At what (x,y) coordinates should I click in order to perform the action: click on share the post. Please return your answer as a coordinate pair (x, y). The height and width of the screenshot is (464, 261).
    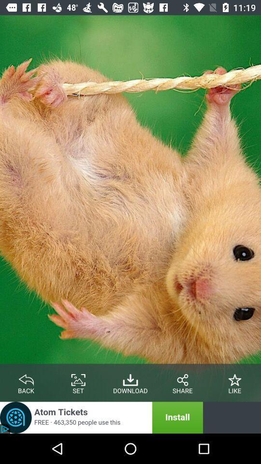
    Looking at the image, I should click on (183, 378).